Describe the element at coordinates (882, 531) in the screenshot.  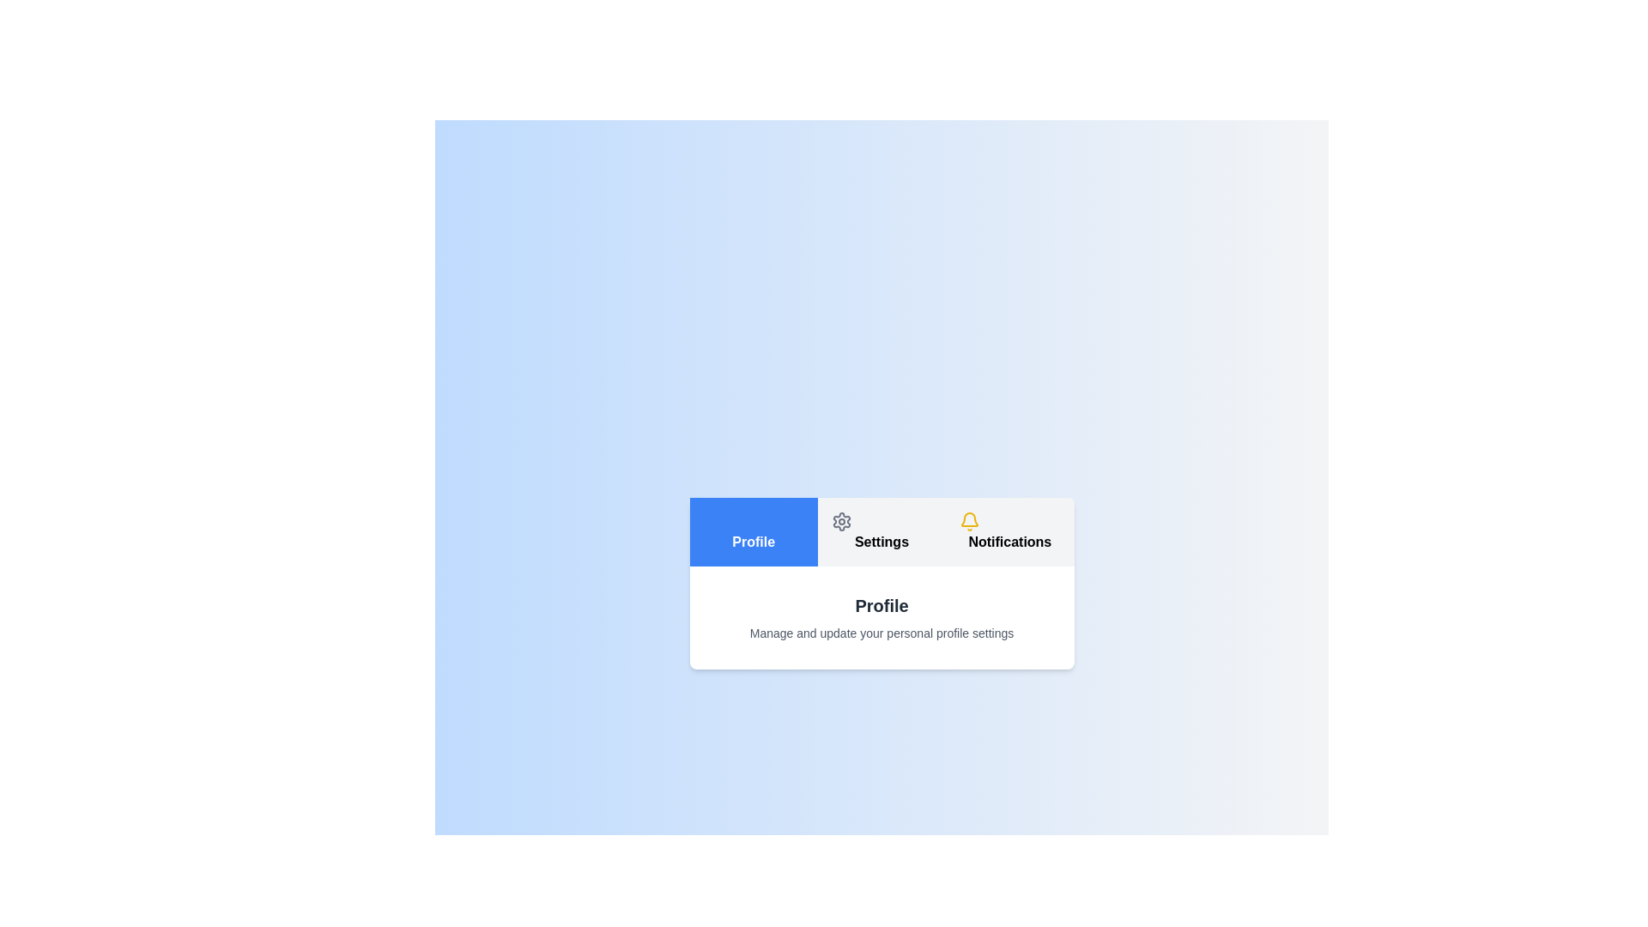
I see `the Settings tab to switch views` at that location.